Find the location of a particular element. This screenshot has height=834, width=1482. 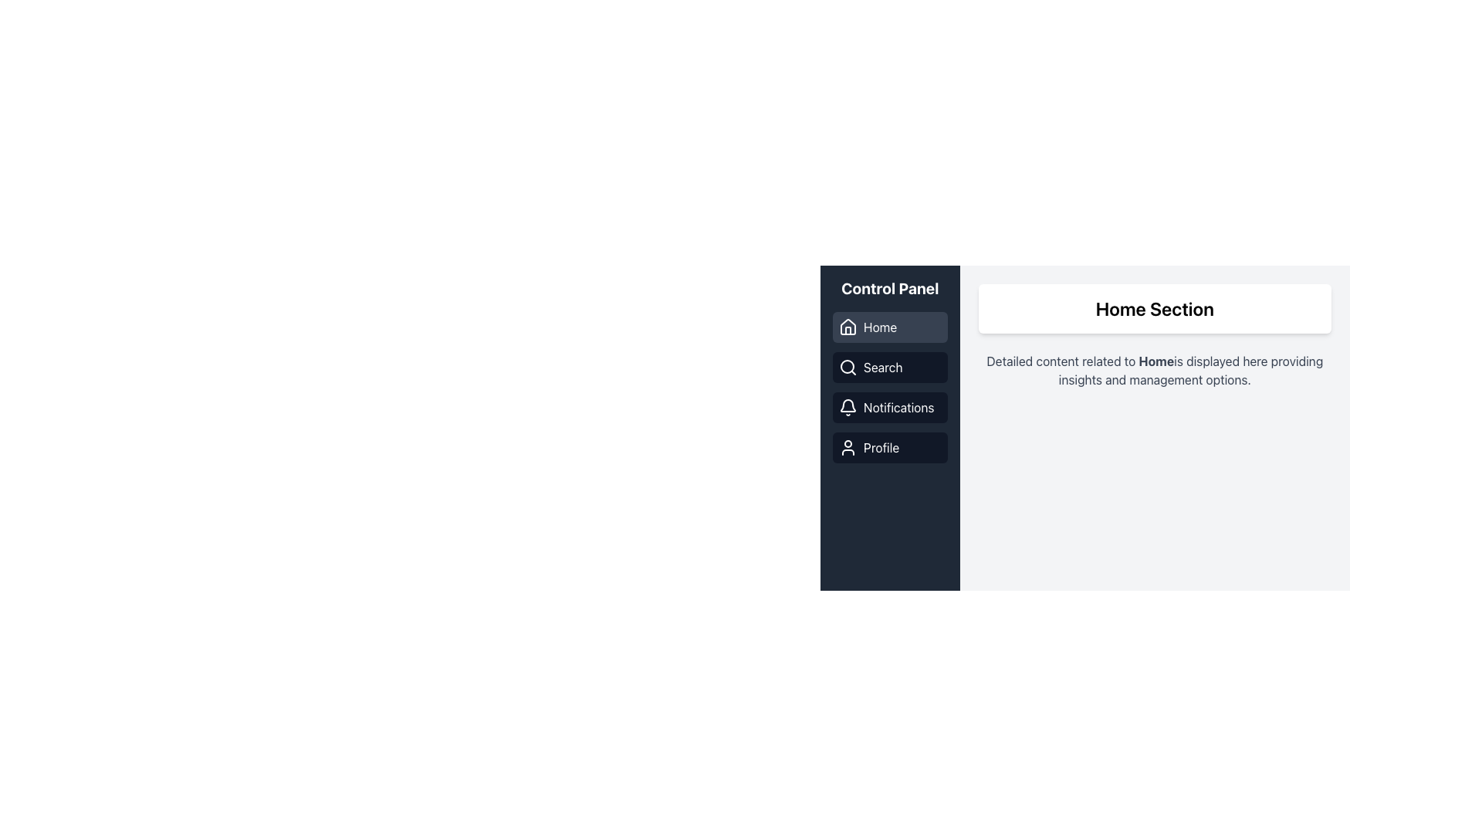

the text block displaying insights and management options related to Home, which is located beneath the 'Home Section' heading and to the right of the 'Control Panel' sidebar is located at coordinates (1155, 370).